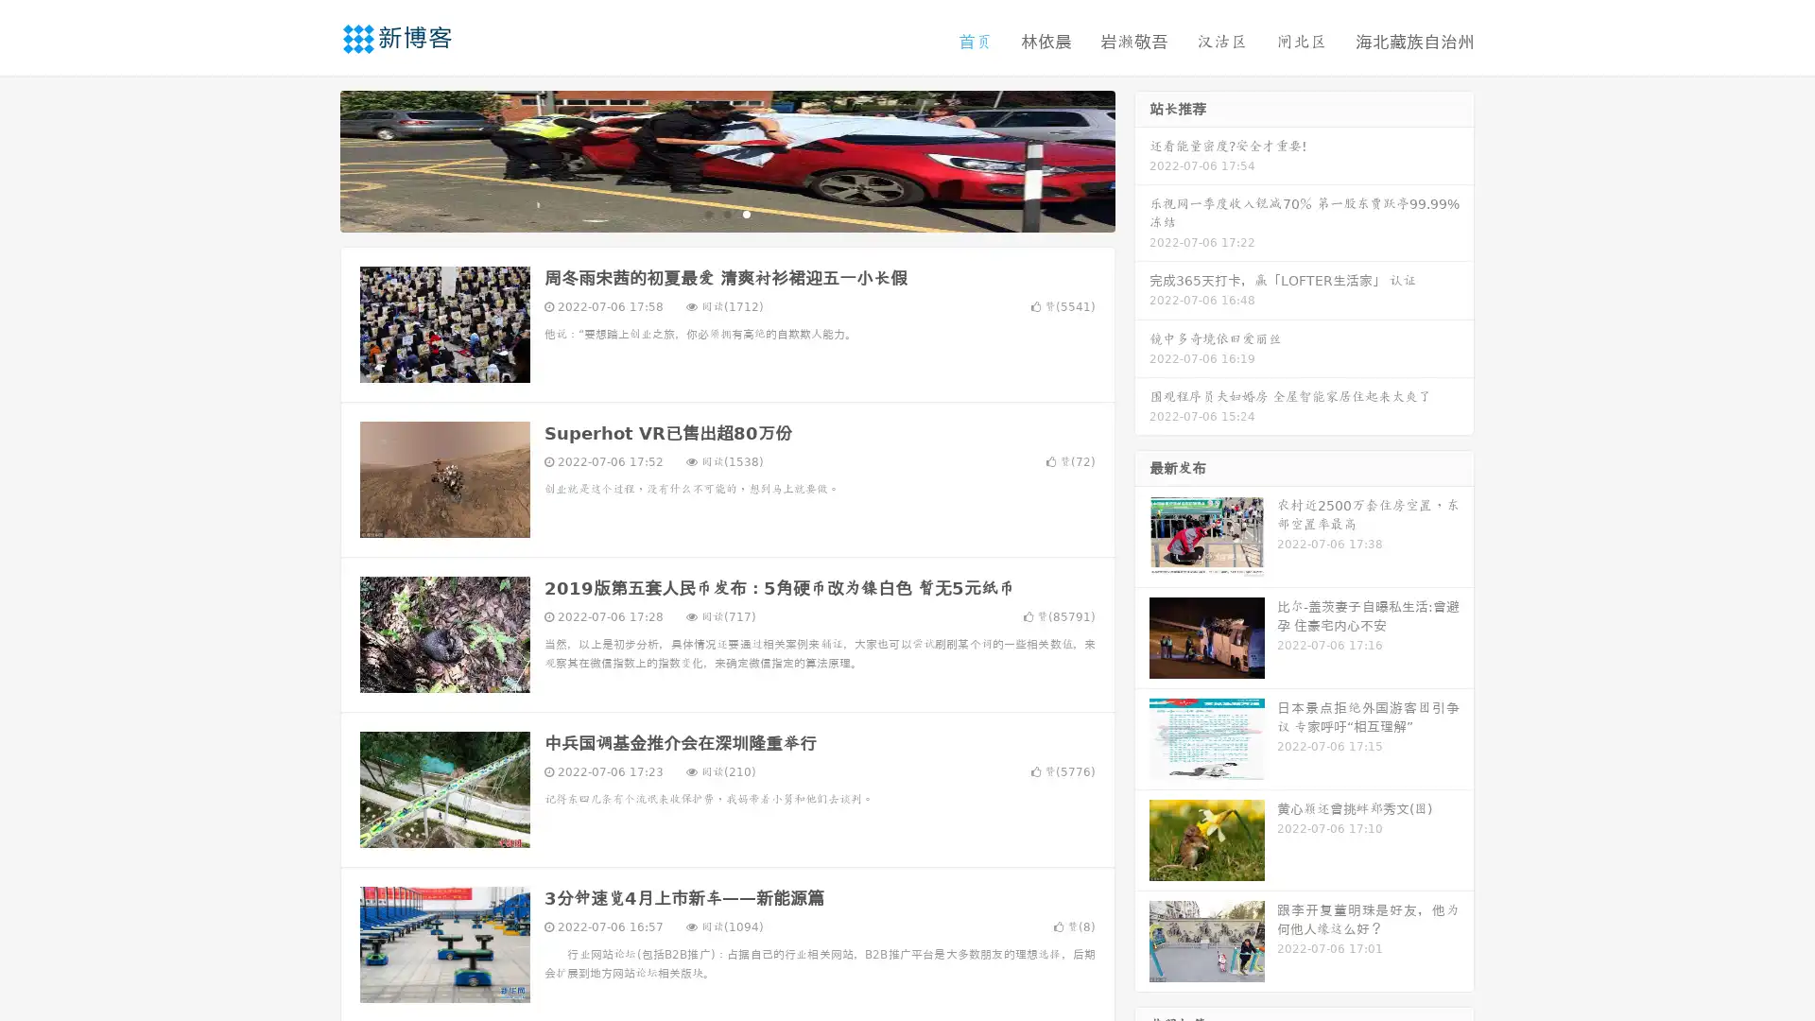  I want to click on Go to slide 3, so click(746, 213).